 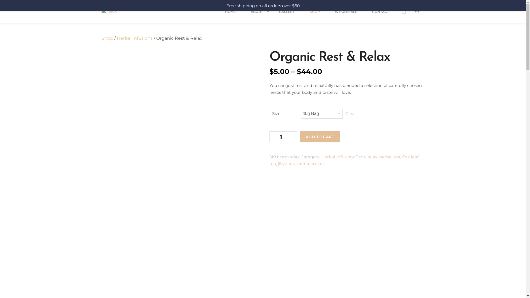 I want to click on 'GALLERY', so click(x=287, y=15).